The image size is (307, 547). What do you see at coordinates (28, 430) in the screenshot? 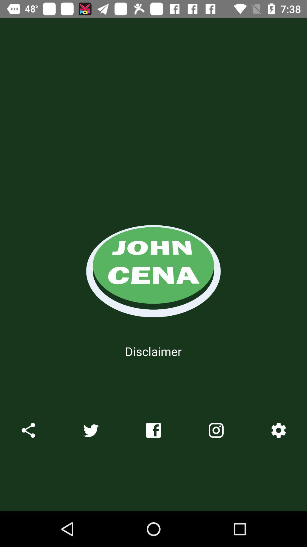
I see `the share icon` at bounding box center [28, 430].